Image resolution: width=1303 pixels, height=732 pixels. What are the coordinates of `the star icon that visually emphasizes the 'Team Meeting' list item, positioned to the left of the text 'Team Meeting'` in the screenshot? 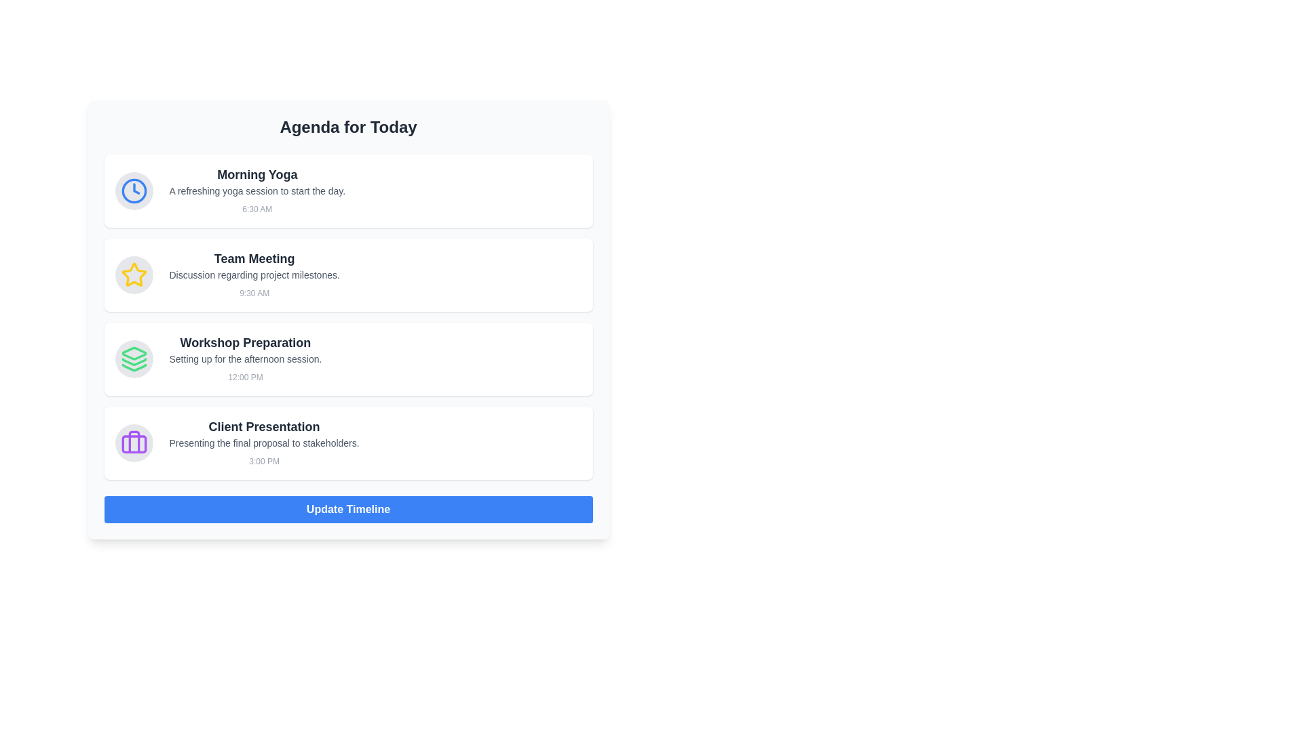 It's located at (134, 274).